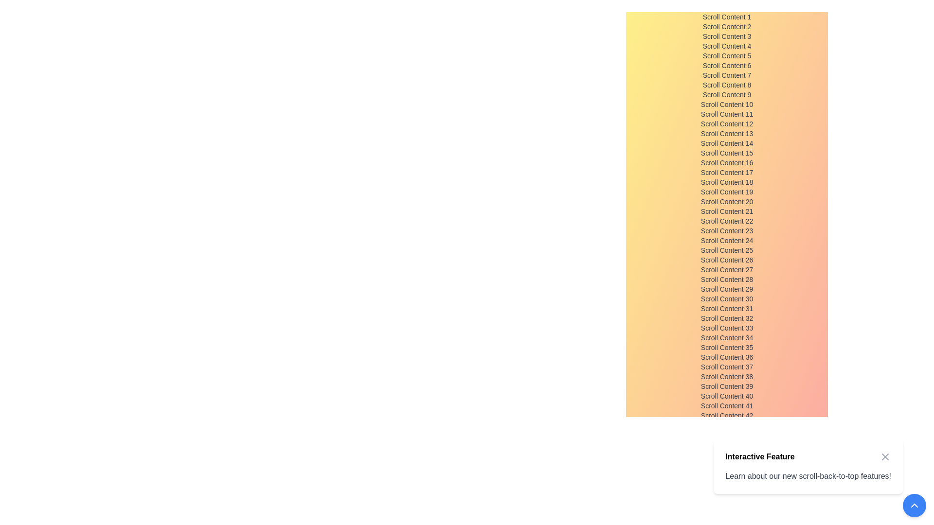 The height and width of the screenshot is (525, 934). What do you see at coordinates (914, 505) in the screenshot?
I see `the small circular button with a blue background and a white upwards-pointing icon located at the bottom-right corner of the layout to potentially view a tooltip or visual feedback` at bounding box center [914, 505].